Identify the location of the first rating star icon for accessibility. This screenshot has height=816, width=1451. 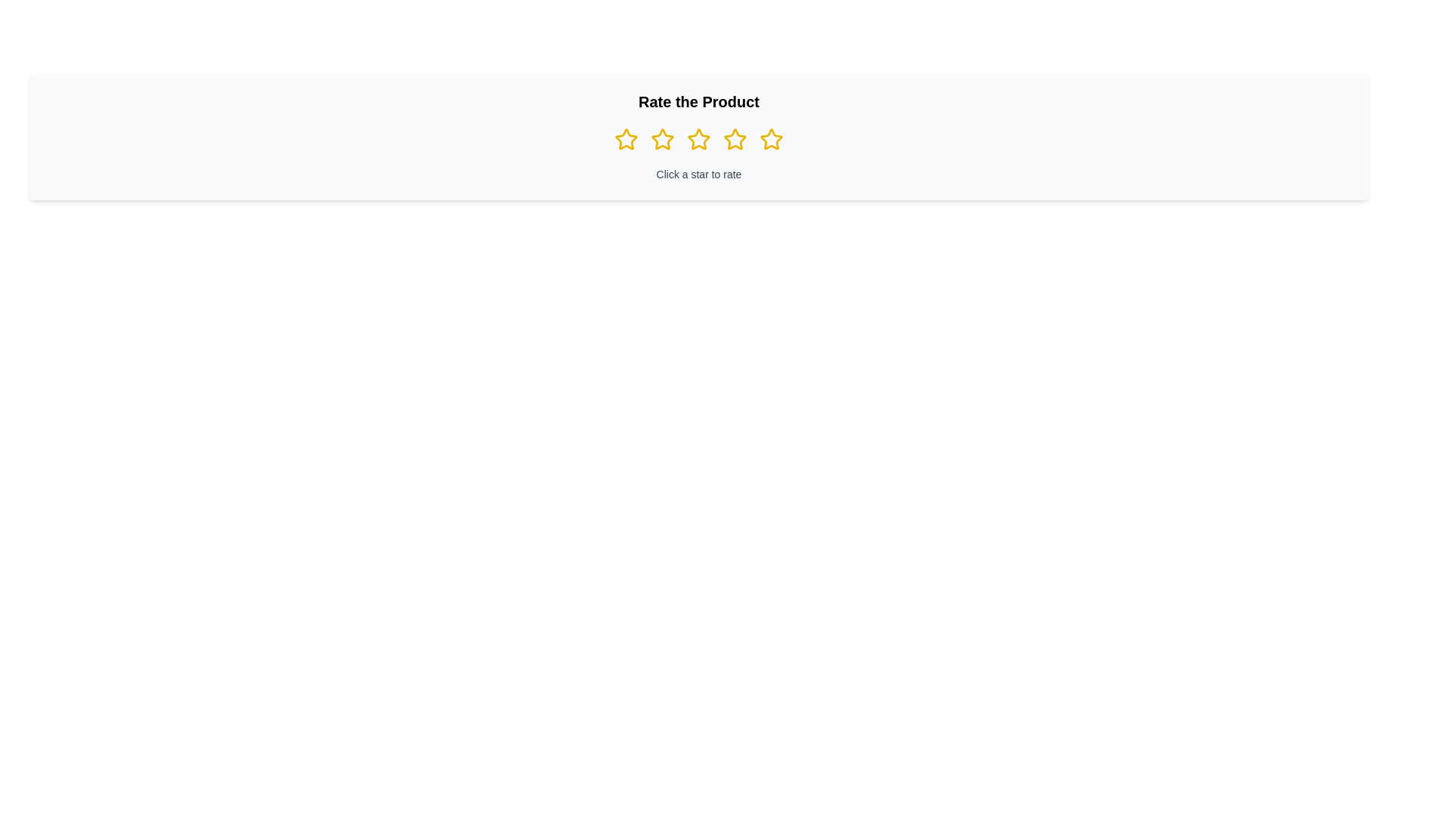
(626, 140).